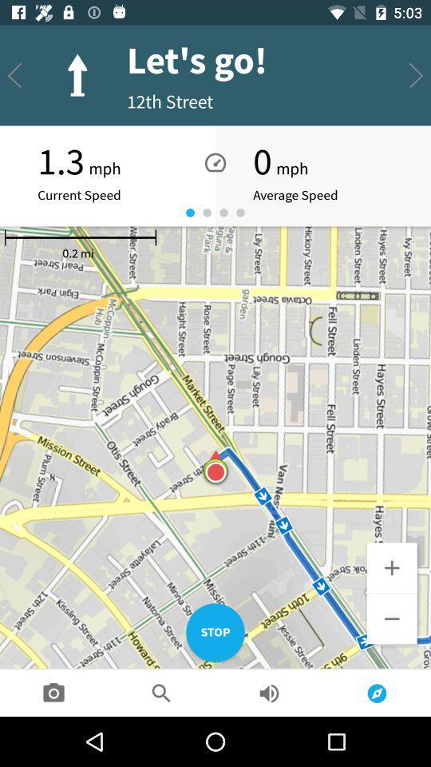  I want to click on the send icon, so click(416, 75).